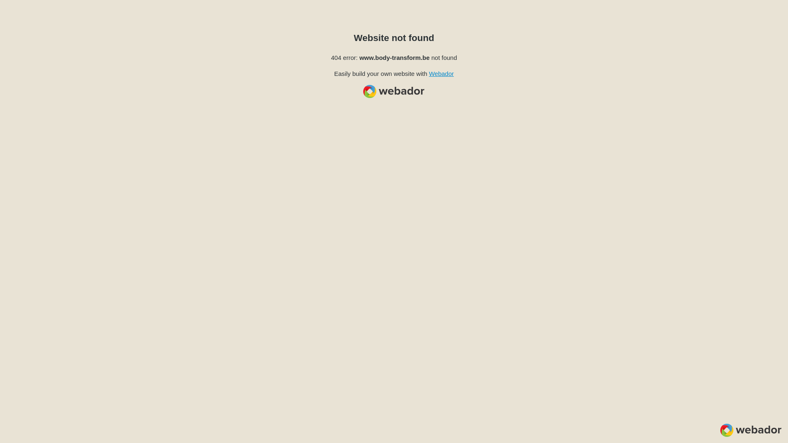 The height and width of the screenshot is (443, 788). Describe the element at coordinates (441, 73) in the screenshot. I see `'Webador'` at that location.